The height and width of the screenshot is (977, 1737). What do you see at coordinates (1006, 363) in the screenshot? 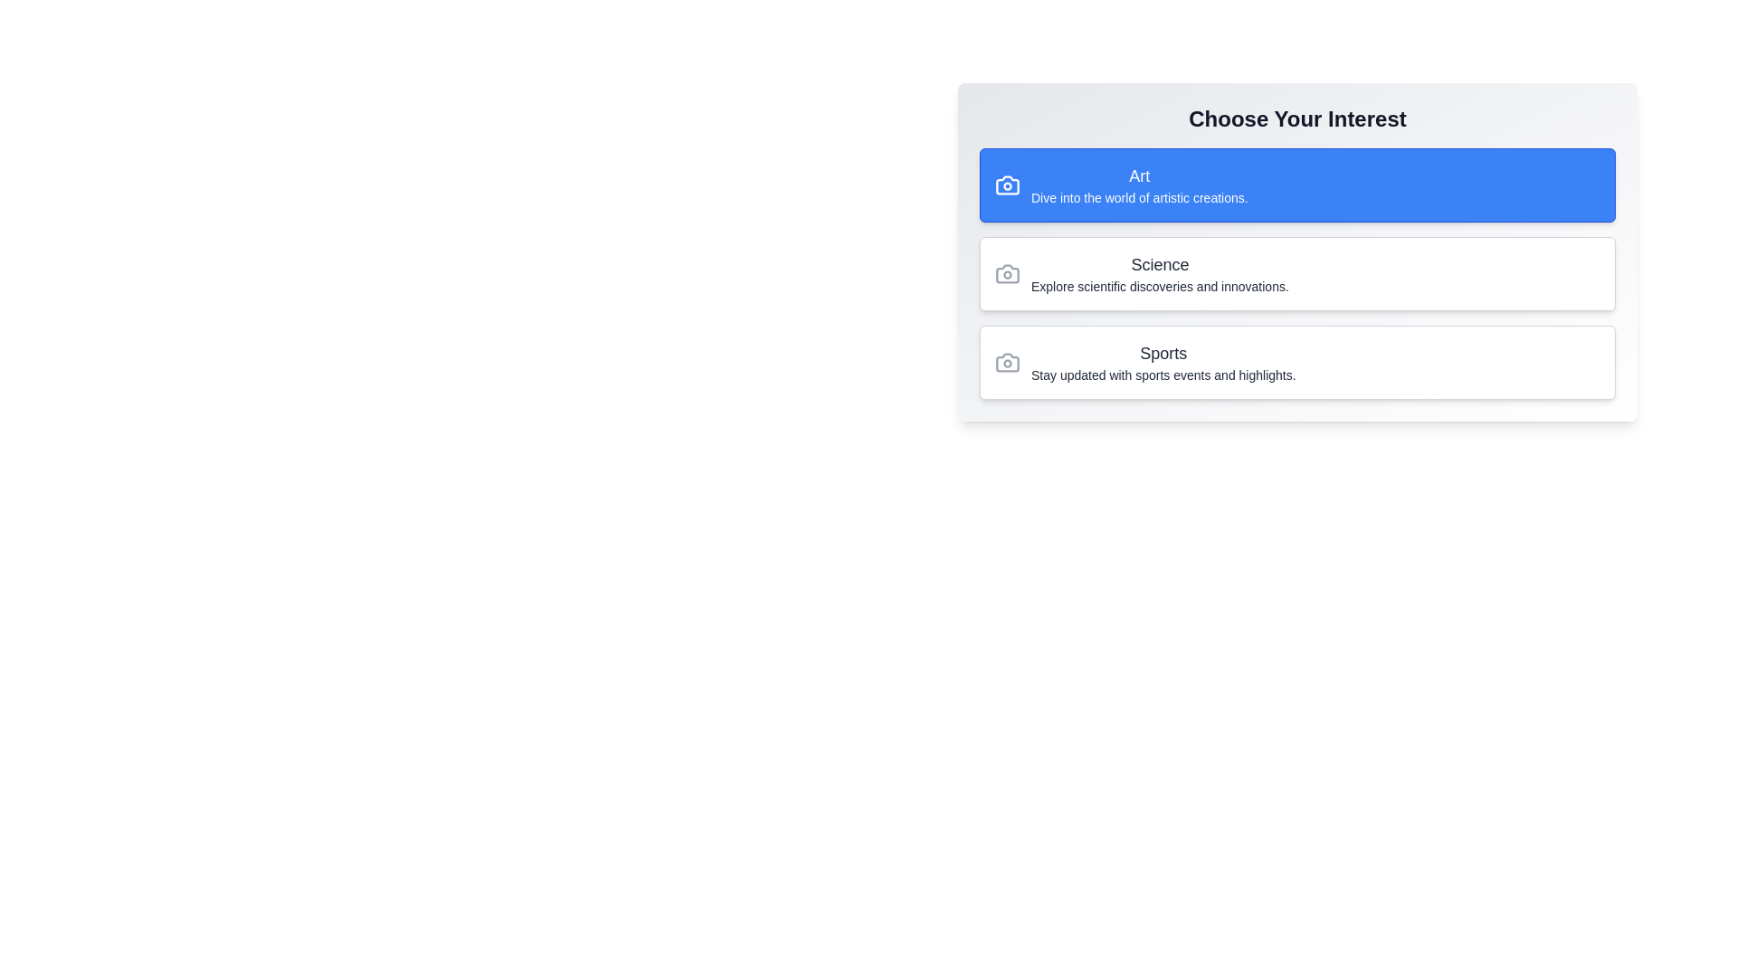
I see `the camera icon element located to the left of the 'Sports' option in the 'Choose Your Interest' selection menu` at bounding box center [1006, 363].